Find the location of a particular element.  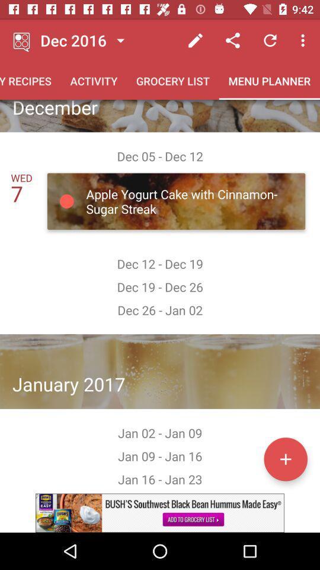

the add icon is located at coordinates (285, 458).